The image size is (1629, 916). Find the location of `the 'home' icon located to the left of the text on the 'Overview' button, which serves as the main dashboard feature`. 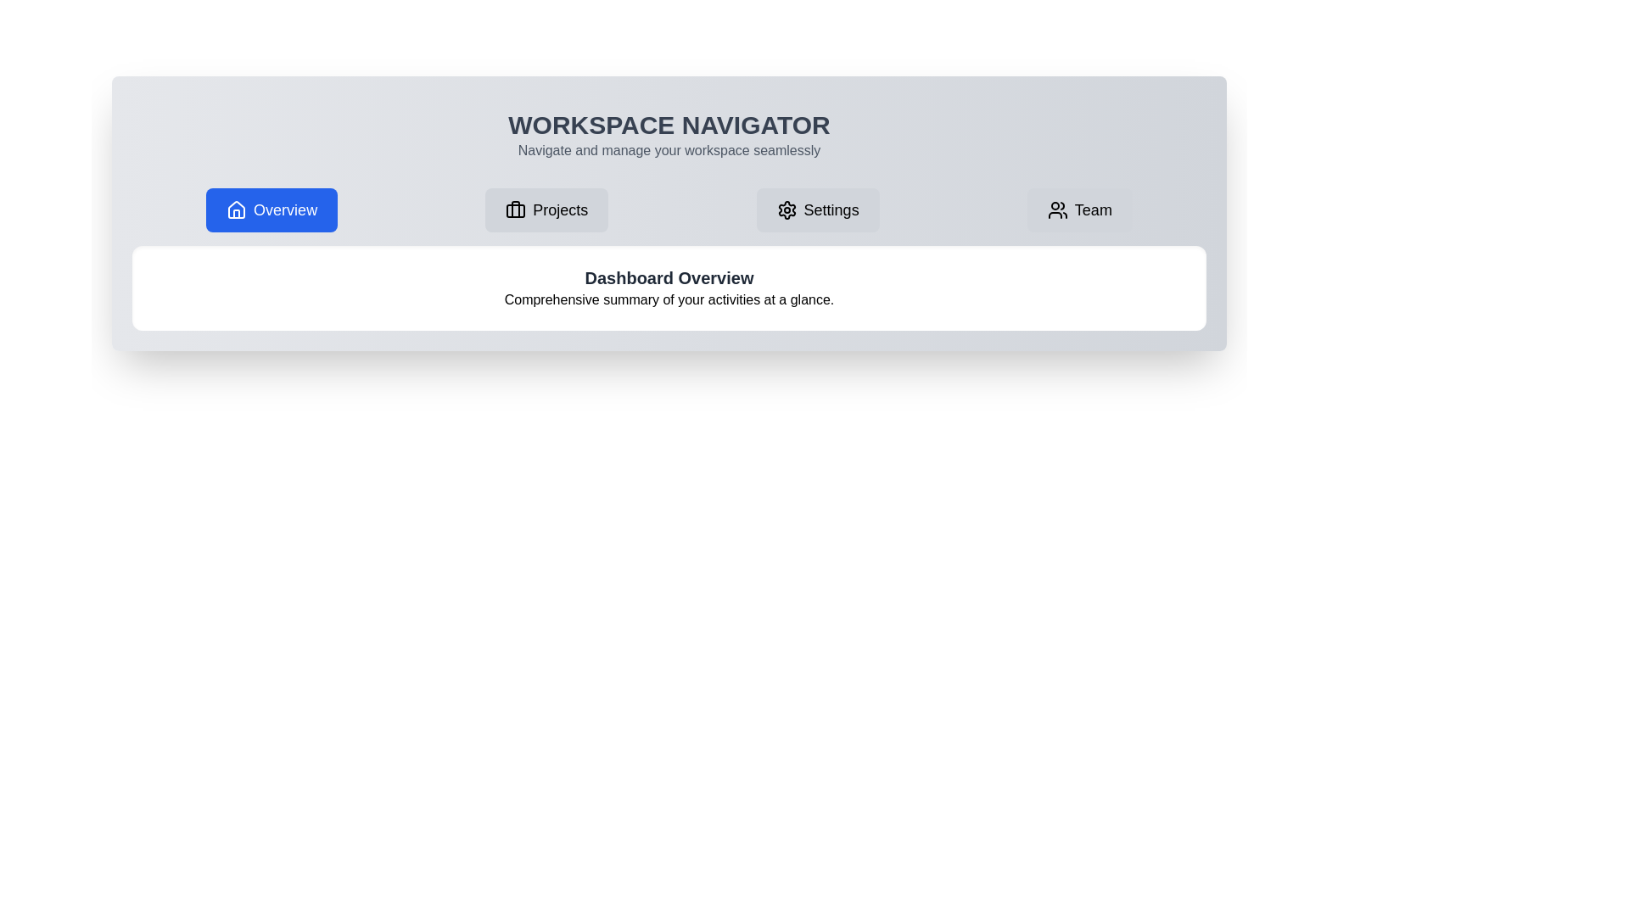

the 'home' icon located to the left of the text on the 'Overview' button, which serves as the main dashboard feature is located at coordinates (236, 209).